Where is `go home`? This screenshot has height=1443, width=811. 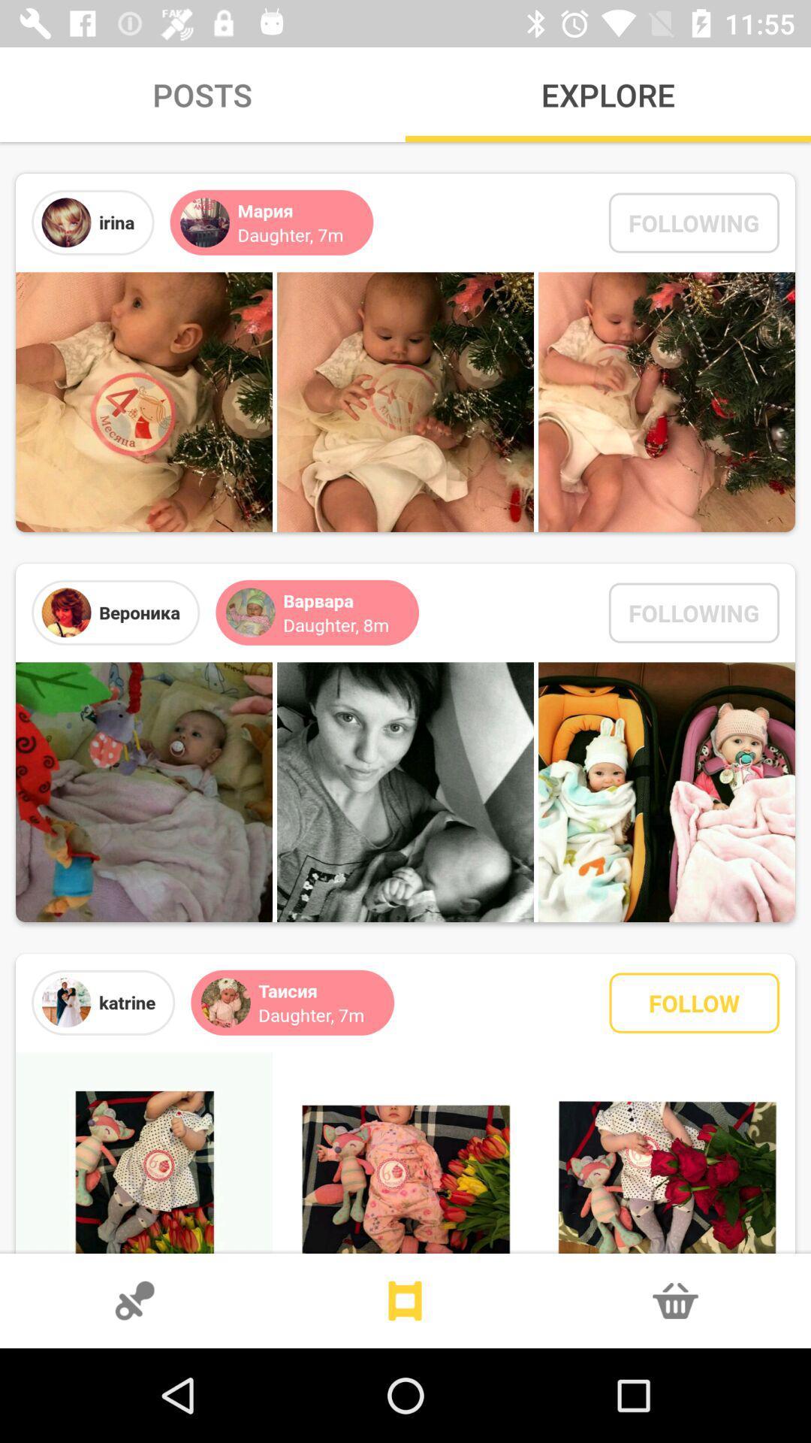
go home is located at coordinates (405, 1300).